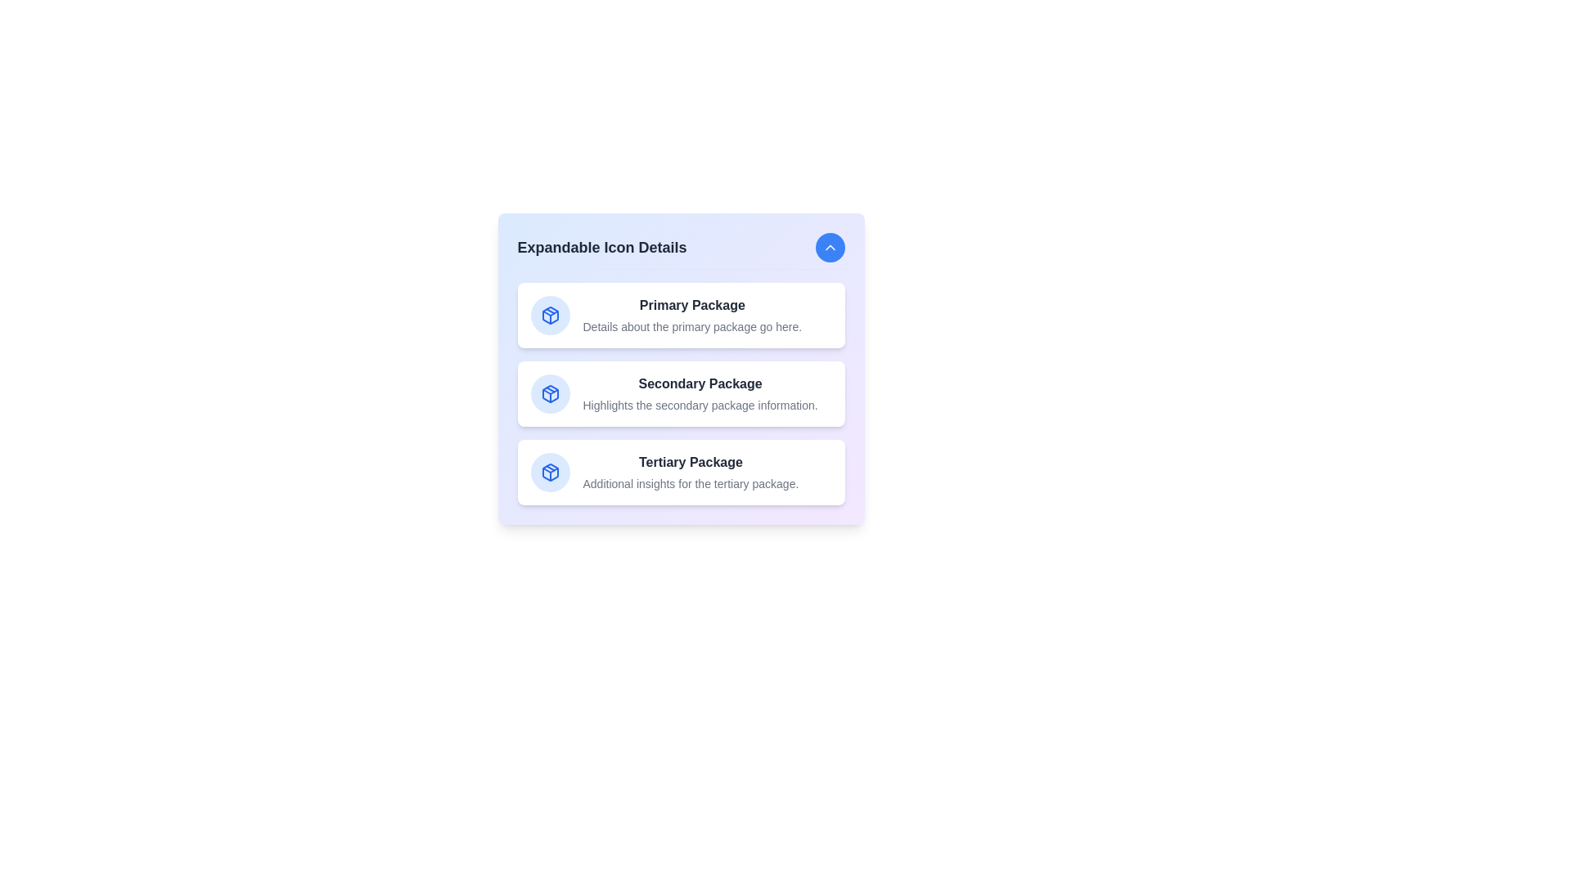 The image size is (1571, 883). I want to click on text content from the Text block titled 'Tertiary Package', which contains the description 'Additional insights for the tertiary package.', so click(691, 473).